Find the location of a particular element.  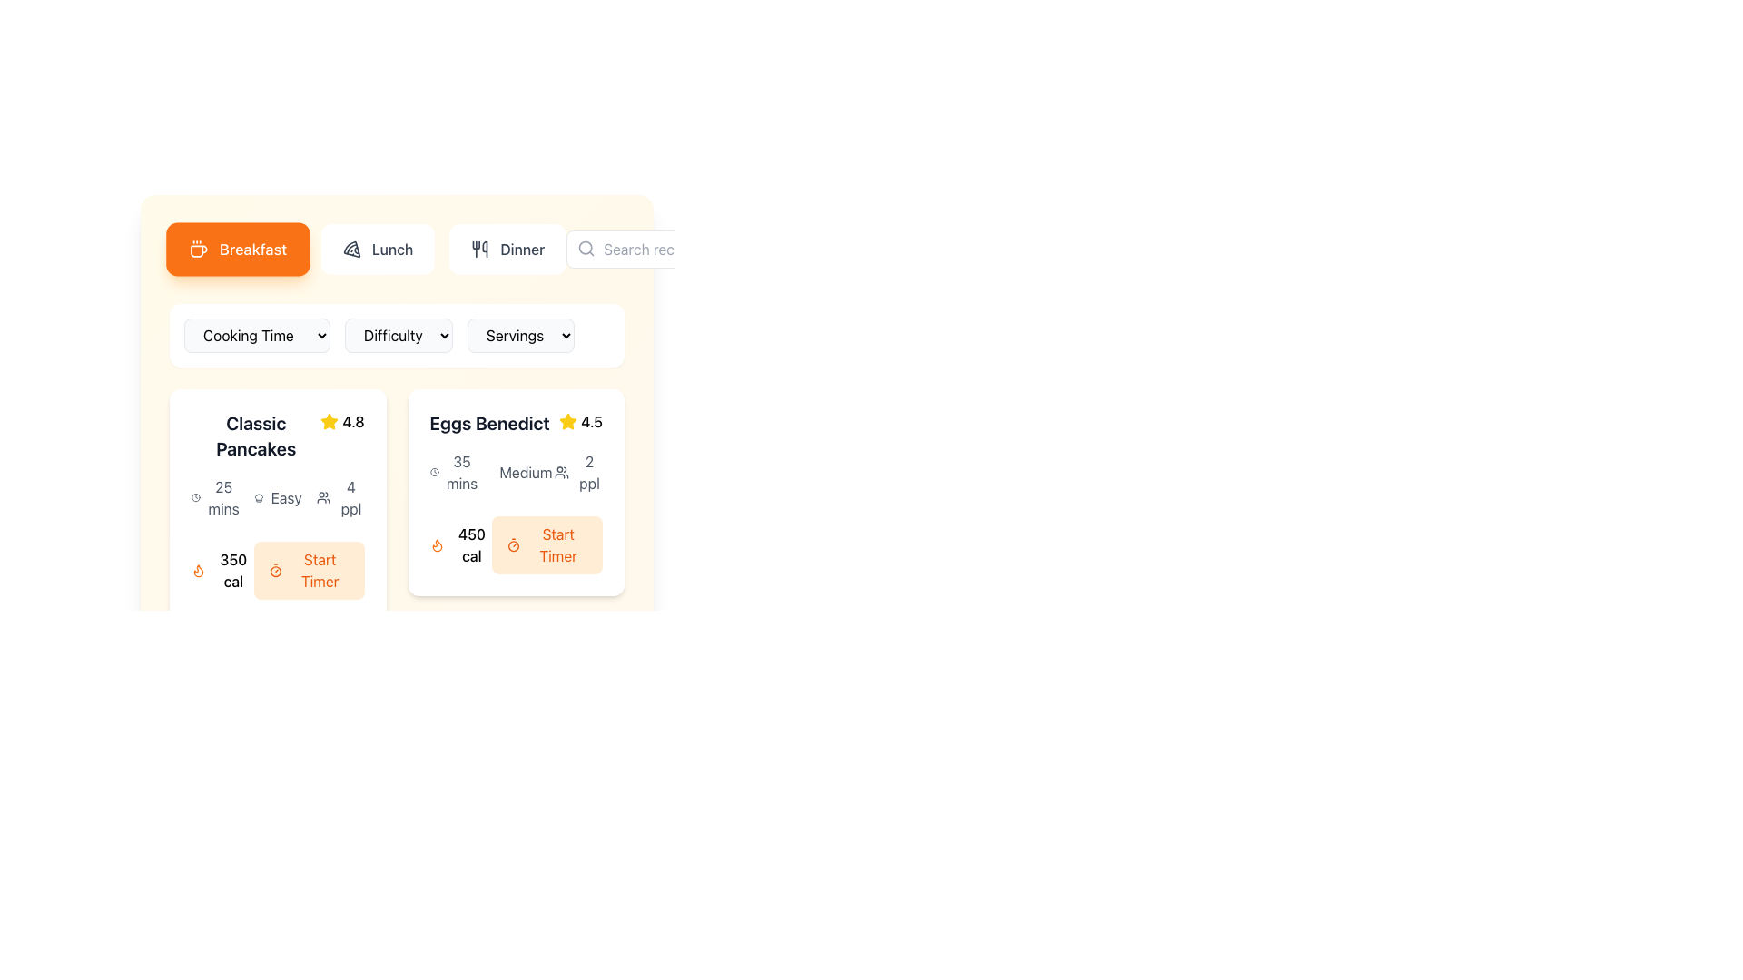

the 'Dinner' category selector element located on the horizontal navigation bar is located at coordinates (521, 249).